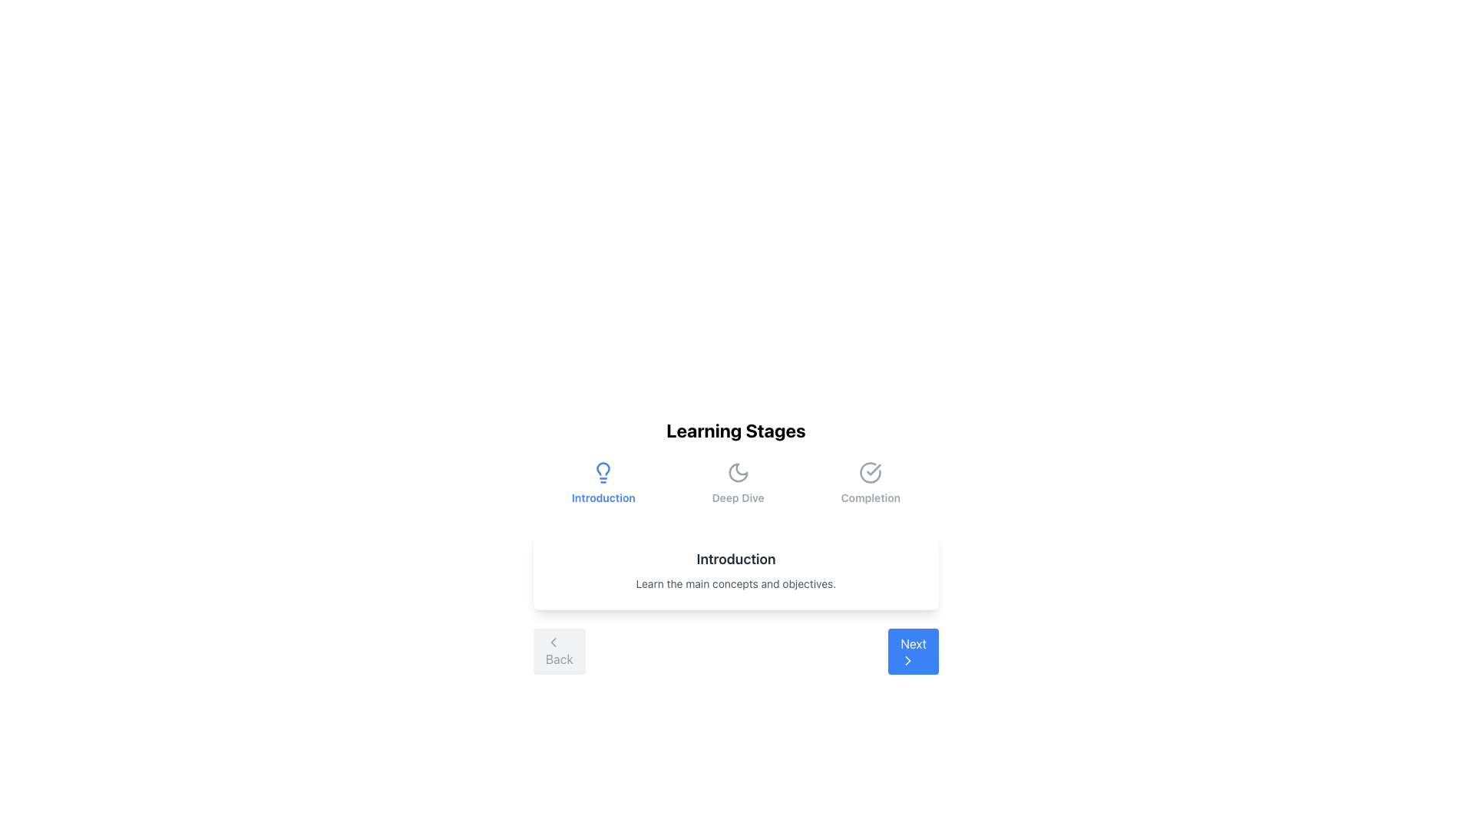 This screenshot has height=829, width=1474. Describe the element at coordinates (603, 482) in the screenshot. I see `the blue lightbulb icon labeled 'Introduction'` at that location.